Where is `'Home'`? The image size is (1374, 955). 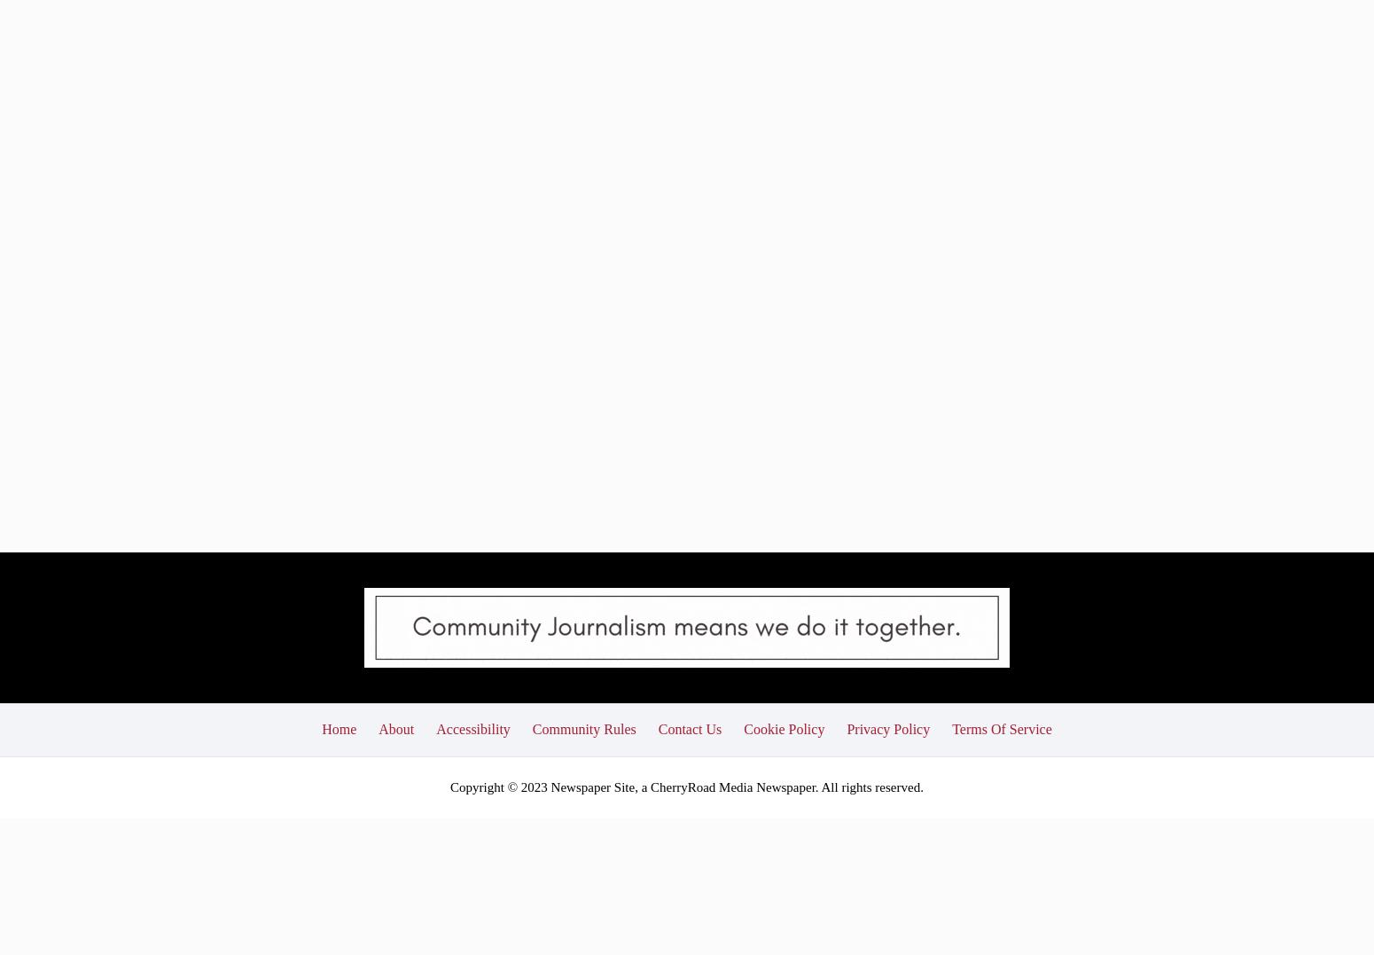
'Home' is located at coordinates (321, 598).